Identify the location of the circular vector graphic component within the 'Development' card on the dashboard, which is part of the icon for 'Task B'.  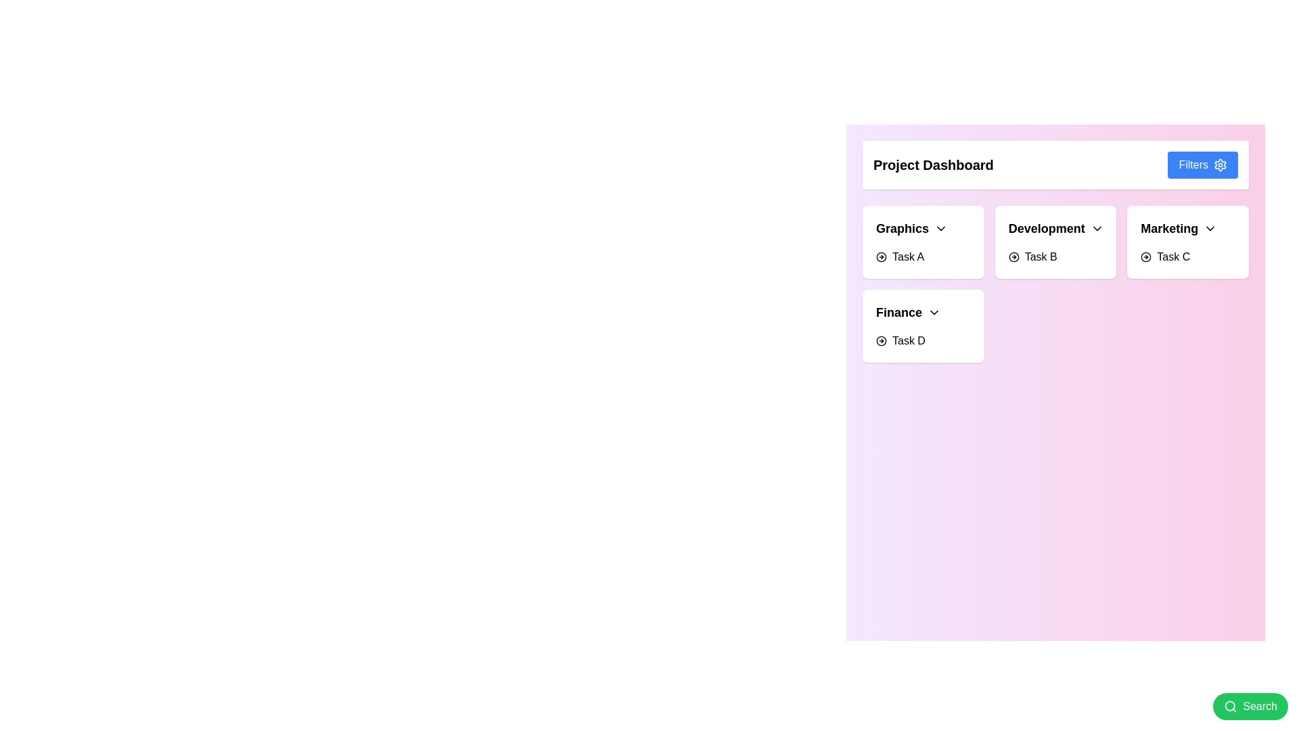
(1013, 257).